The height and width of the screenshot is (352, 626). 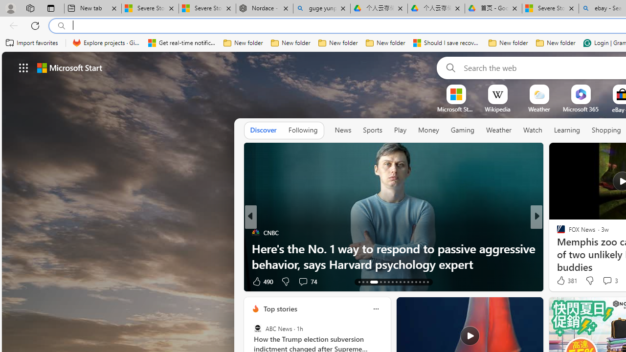 What do you see at coordinates (446, 43) in the screenshot?
I see `'Should I save recovered Word documents? - Microsoft Support'` at bounding box center [446, 43].